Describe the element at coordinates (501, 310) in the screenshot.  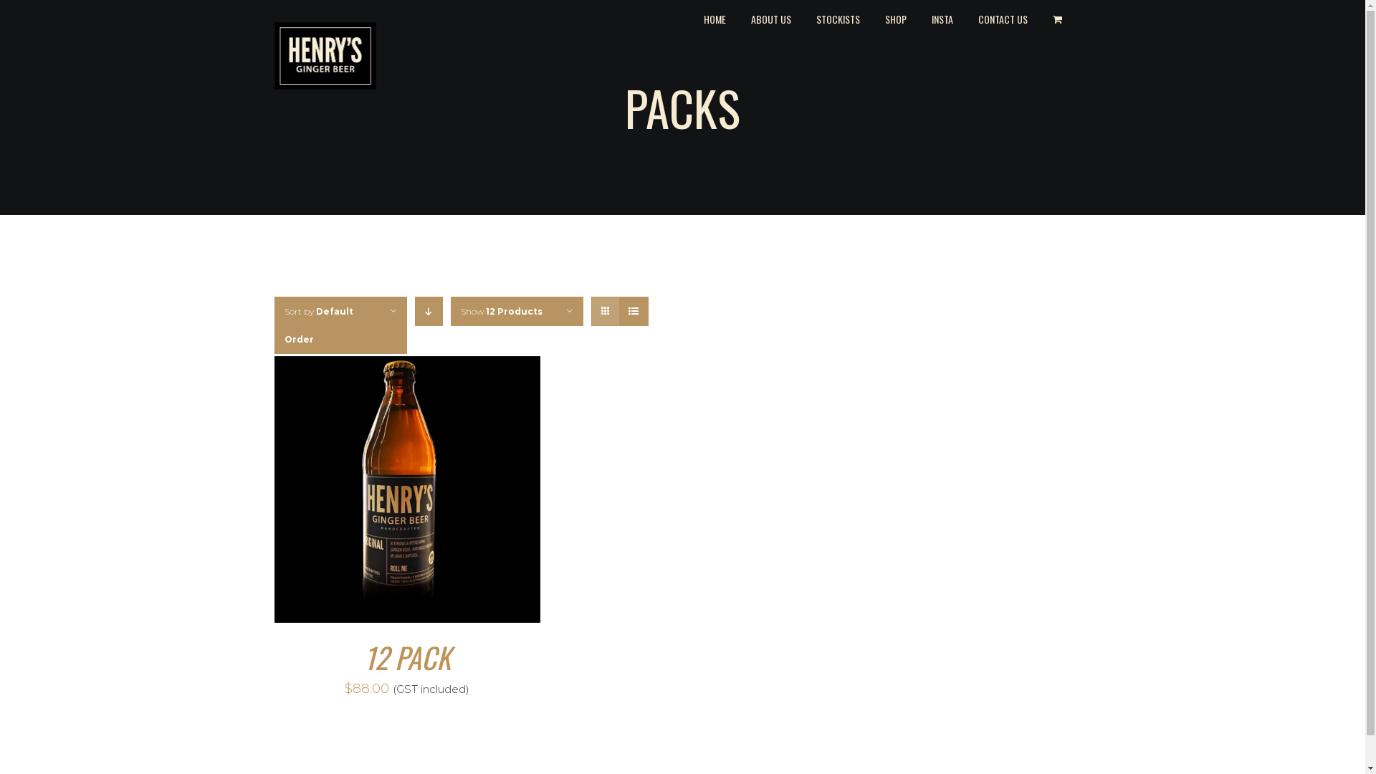
I see `'Show 12 Products'` at that location.